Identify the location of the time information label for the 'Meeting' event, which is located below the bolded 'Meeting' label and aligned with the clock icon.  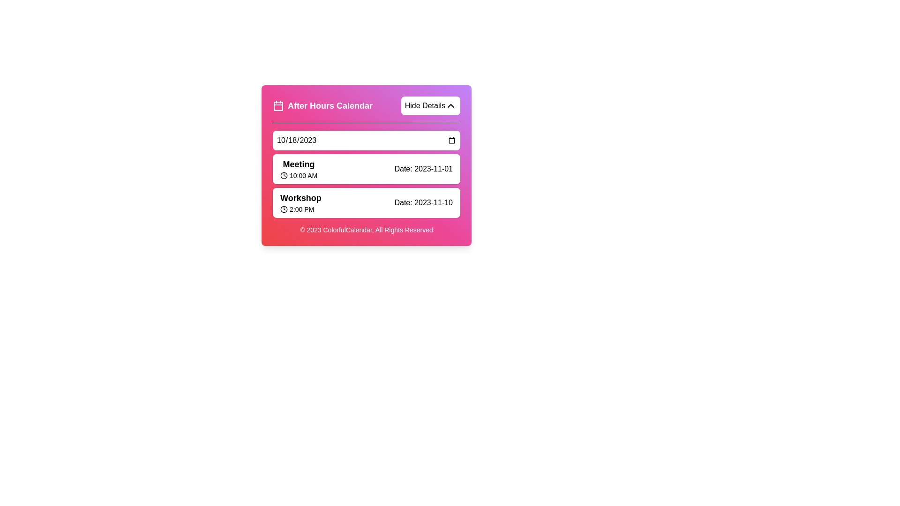
(298, 175).